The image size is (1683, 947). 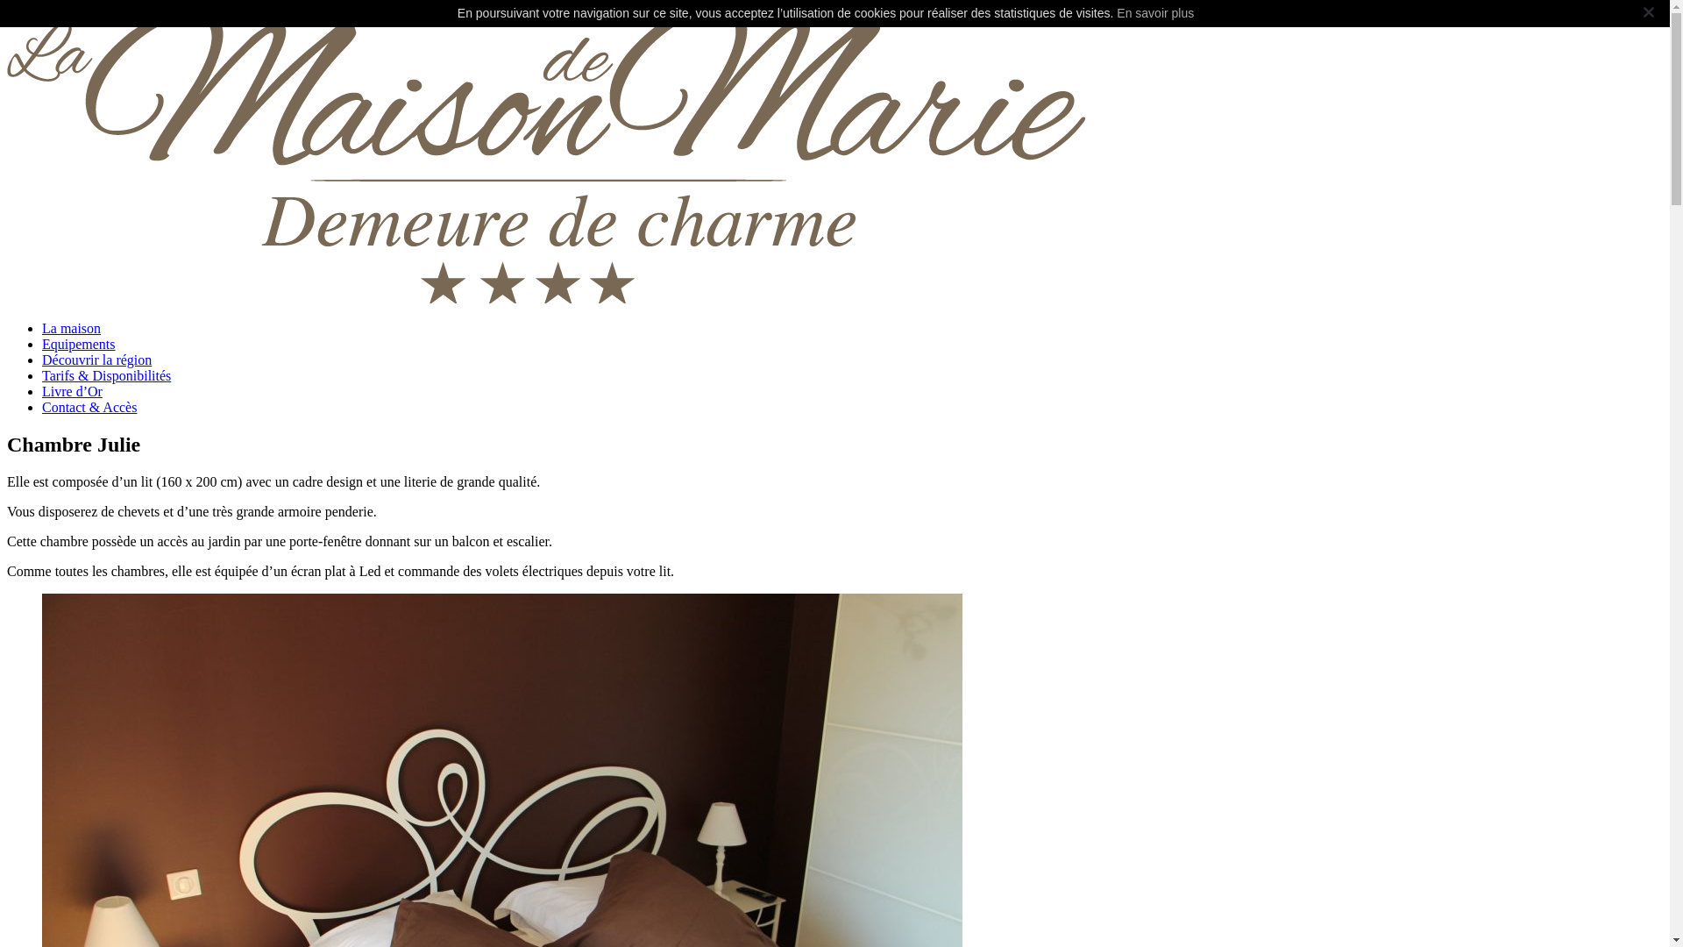 I want to click on 'En savoir plus', so click(x=1155, y=13).